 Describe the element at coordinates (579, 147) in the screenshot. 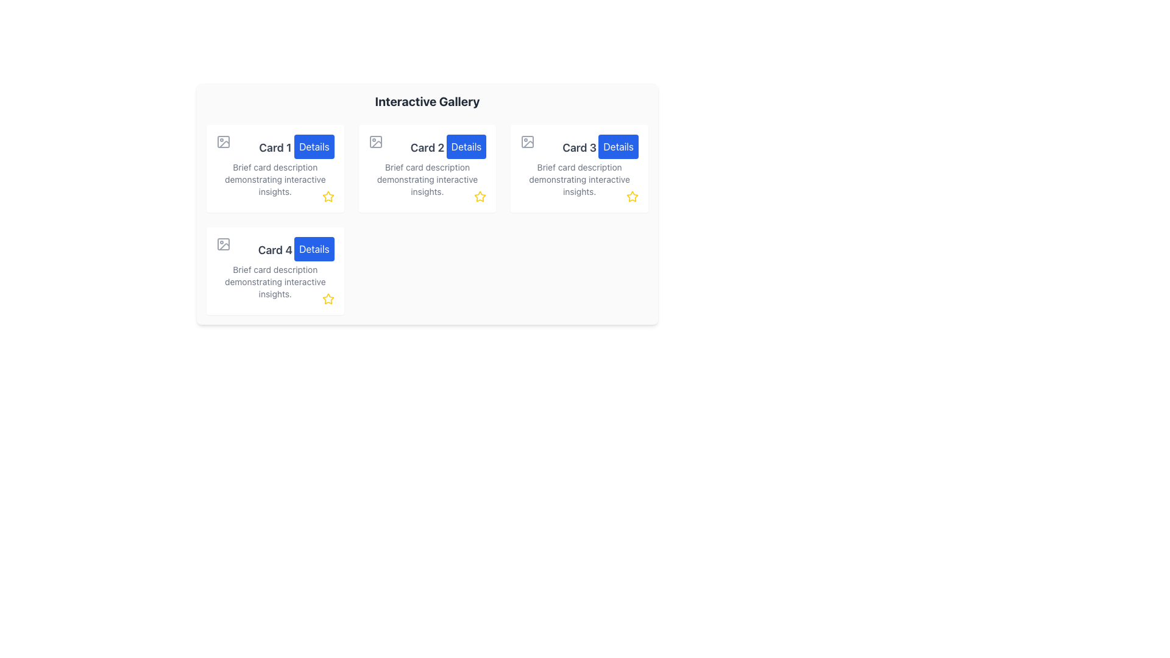

I see `the main title text component located at the top-center of the third card in the card group, which serves as the identifier for the card's content` at that location.